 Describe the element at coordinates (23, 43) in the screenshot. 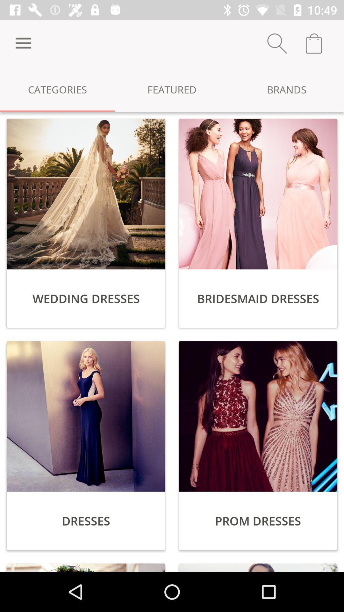

I see `icon next to the featured` at that location.